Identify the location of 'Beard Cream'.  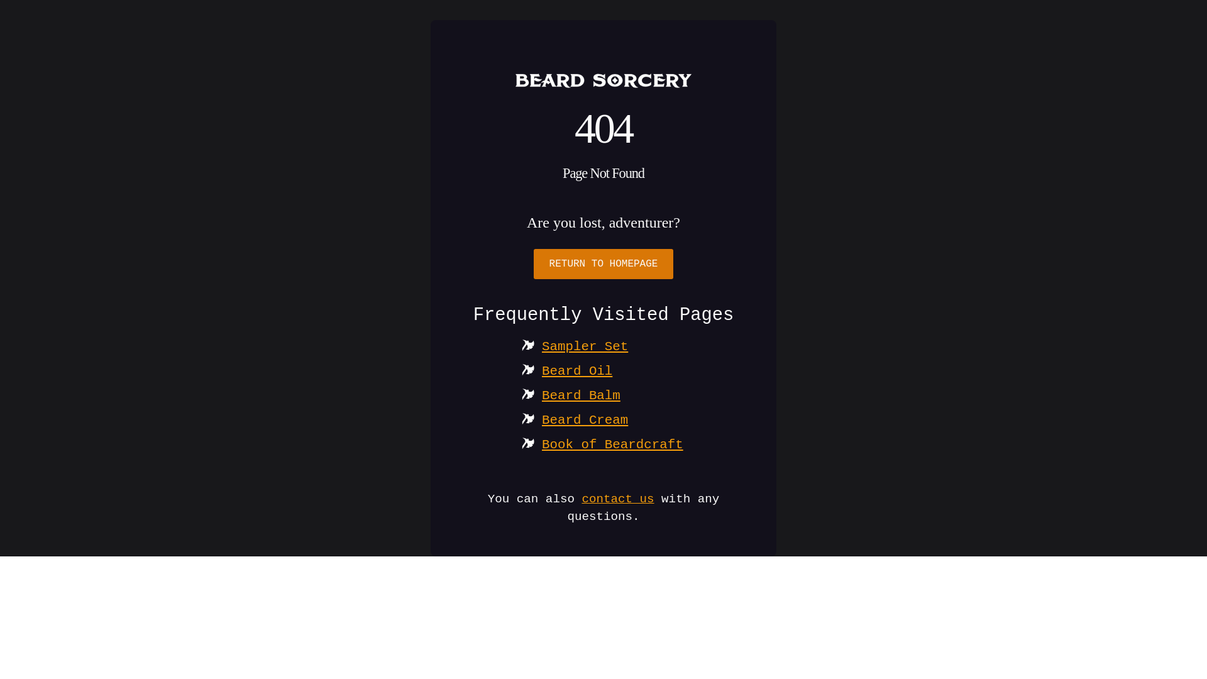
(584, 420).